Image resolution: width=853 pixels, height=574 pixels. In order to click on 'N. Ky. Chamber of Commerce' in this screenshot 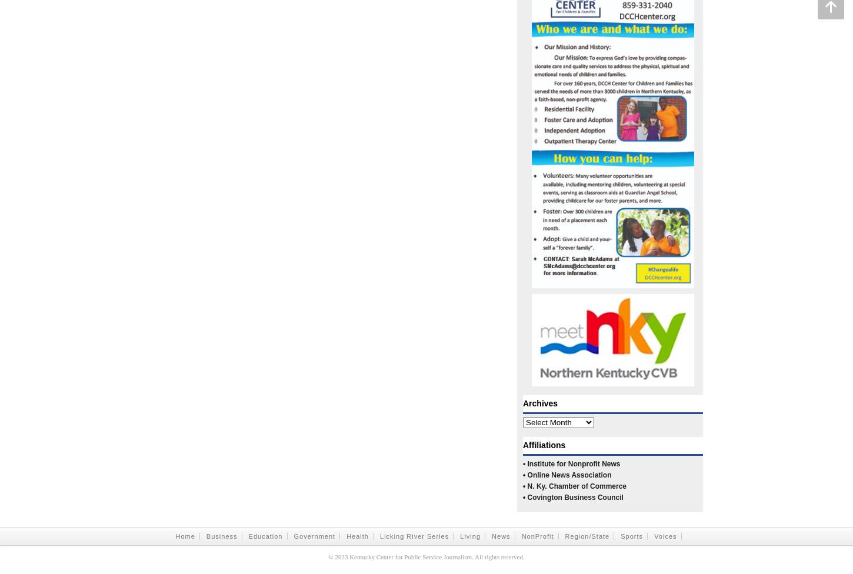, I will do `click(577, 486)`.